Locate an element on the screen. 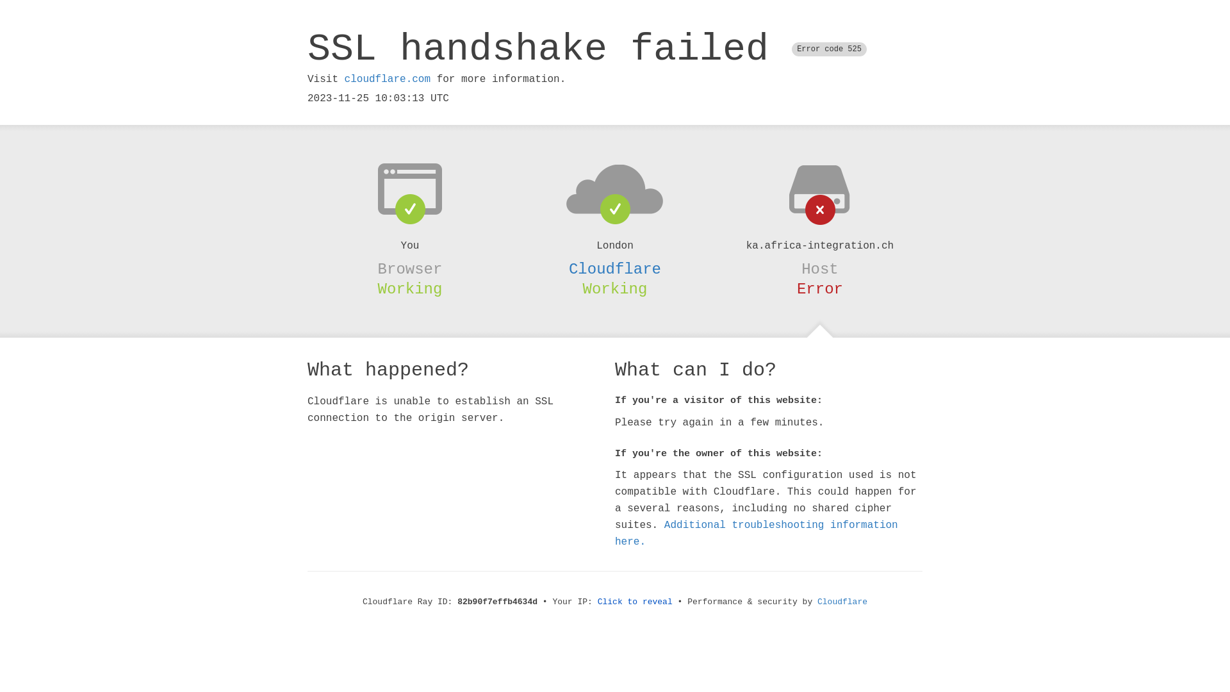 This screenshot has height=692, width=1230. 'Cloudflare' is located at coordinates (615, 268).